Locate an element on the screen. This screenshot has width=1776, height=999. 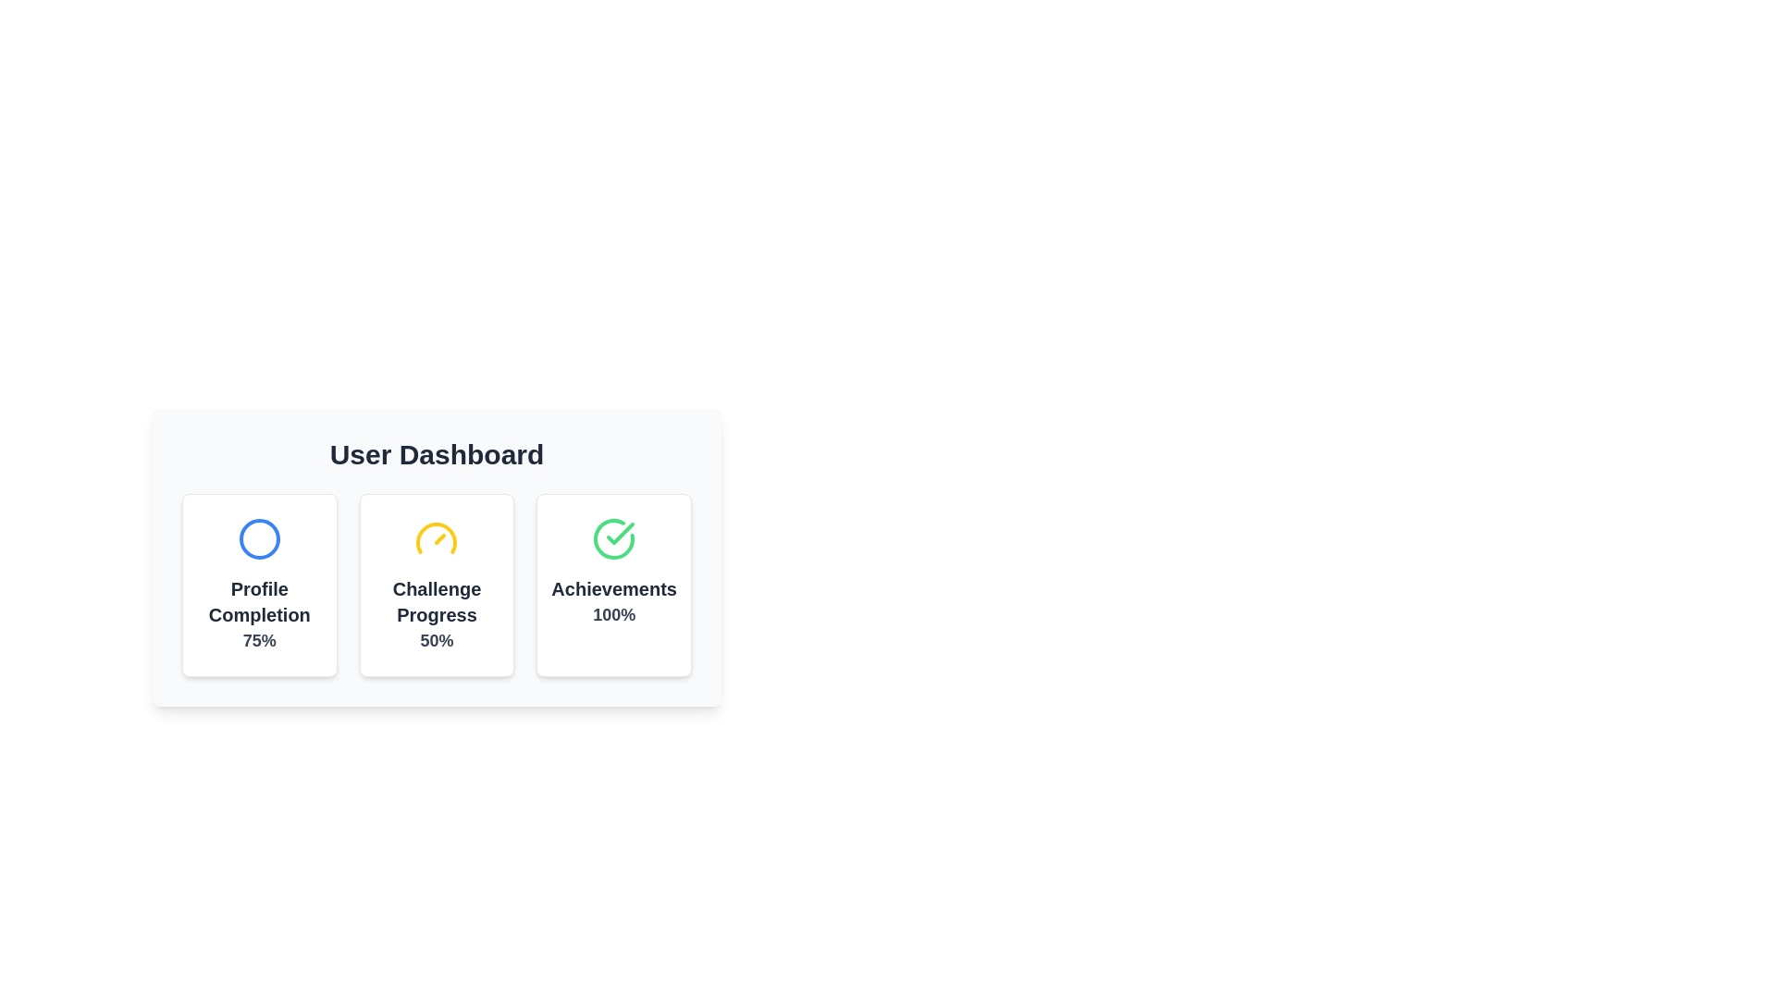
the circular success indicator icon with a green stroke and checkmark located at the top center of the 'Achievements' panel in the User Dashboard interface is located at coordinates (614, 538).